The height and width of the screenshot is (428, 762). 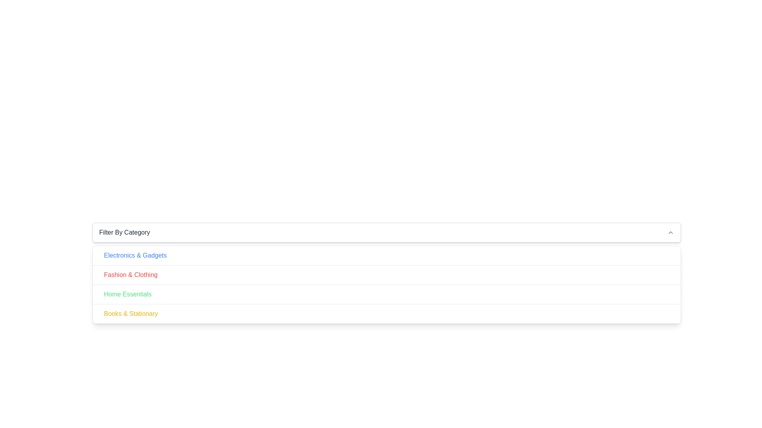 What do you see at coordinates (124, 232) in the screenshot?
I see `the 'Filter By Category' text label, which is prominently displayed in dark color on a light background, positioned at the top of the page adjacent to an upward-facing arrow icon` at bounding box center [124, 232].